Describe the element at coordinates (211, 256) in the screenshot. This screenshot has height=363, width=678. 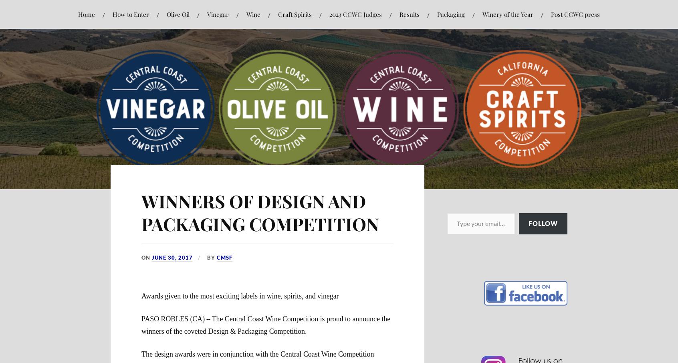
I see `'By'` at that location.